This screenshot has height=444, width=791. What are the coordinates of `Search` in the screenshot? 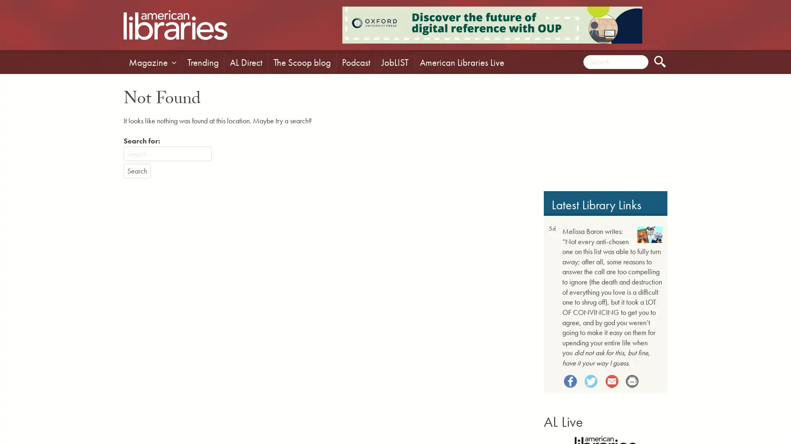 It's located at (660, 61).